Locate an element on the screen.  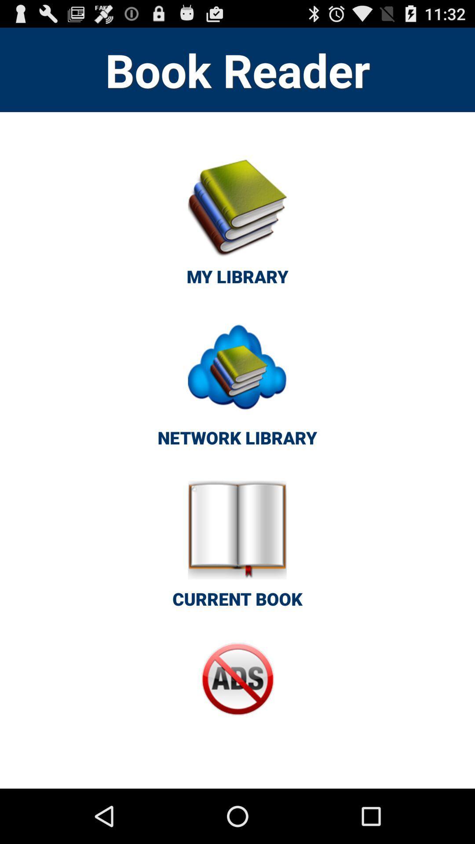
current book is located at coordinates (237, 549).